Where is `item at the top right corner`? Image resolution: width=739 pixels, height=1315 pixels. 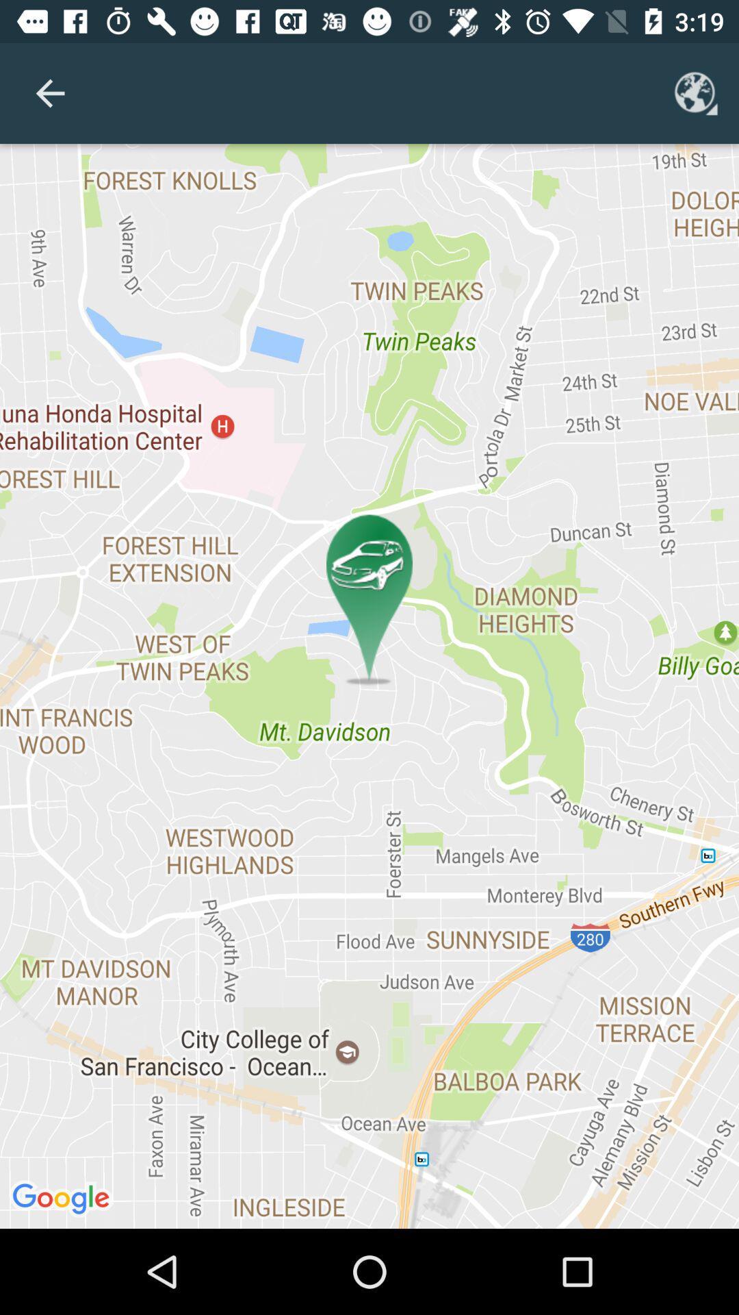
item at the top right corner is located at coordinates (696, 92).